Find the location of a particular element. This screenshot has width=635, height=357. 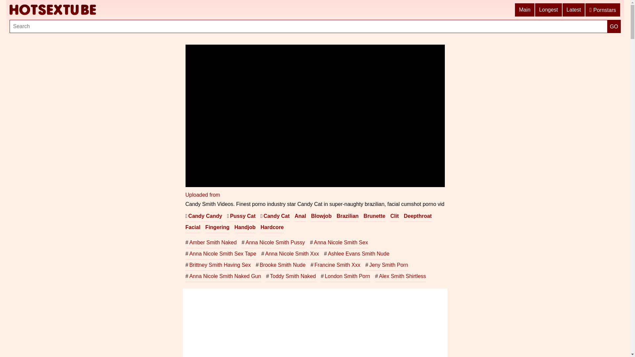

'Fingering' is located at coordinates (217, 227).